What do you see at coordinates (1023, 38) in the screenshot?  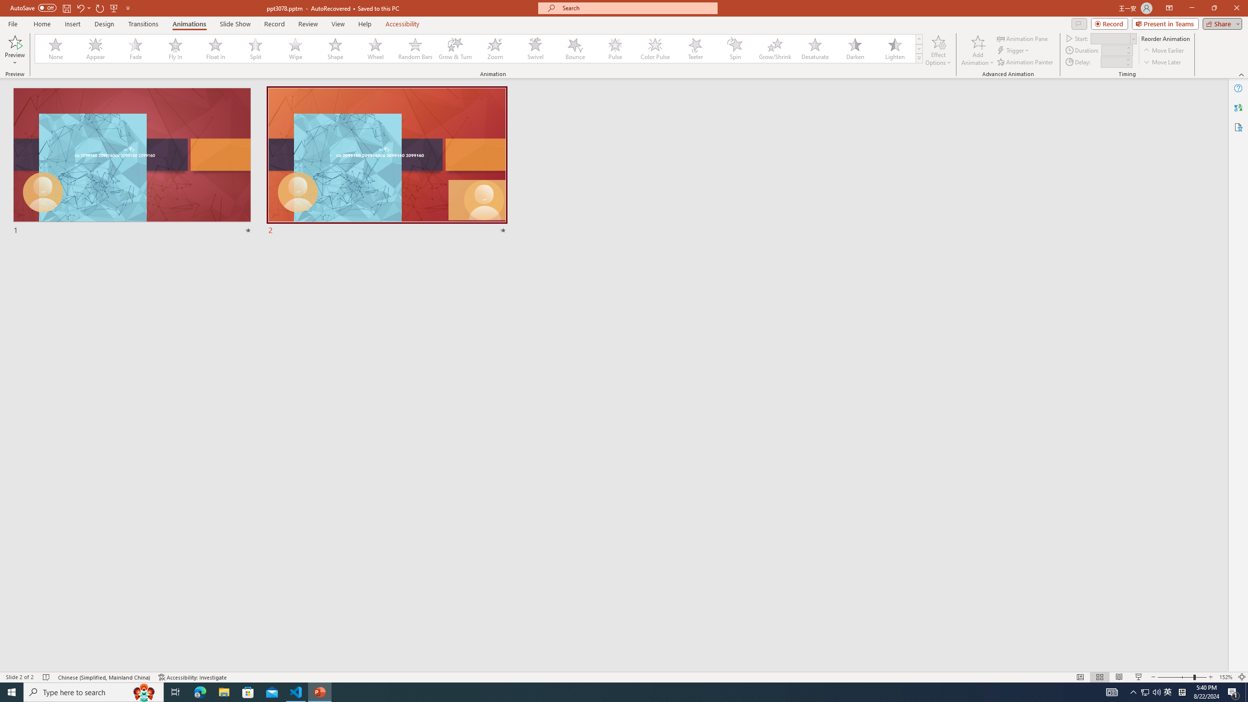 I see `'Animation Pane'` at bounding box center [1023, 38].